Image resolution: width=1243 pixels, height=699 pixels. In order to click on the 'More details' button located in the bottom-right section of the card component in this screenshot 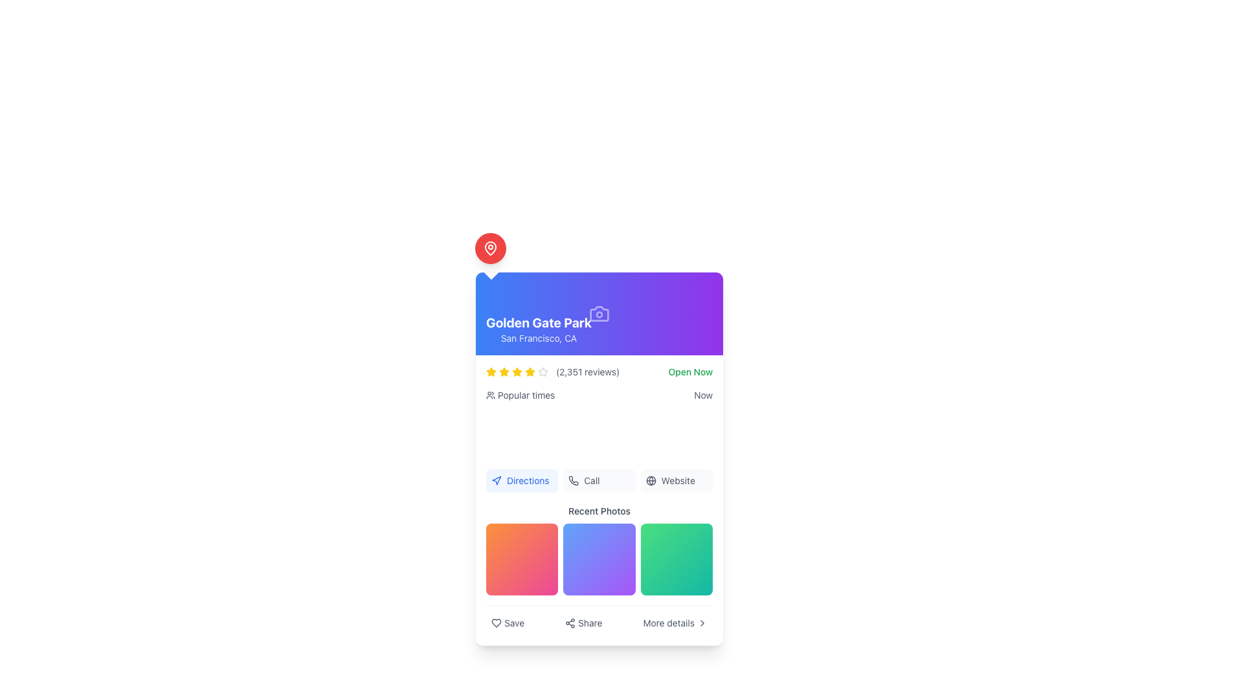, I will do `click(675, 623)`.